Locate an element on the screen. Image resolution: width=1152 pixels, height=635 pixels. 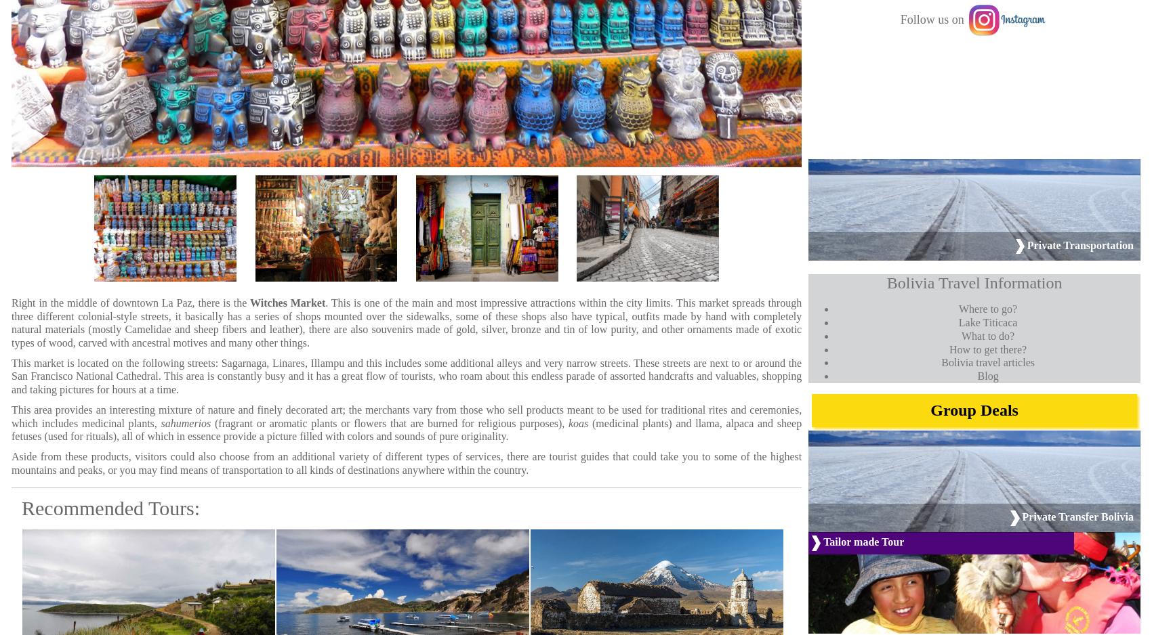
'. This is one of the main and most impressive attractions within the city limits. This market spreads through three different colonial-style streets, it basically has a series of shops mounted over the sidewalks, some of these shops also have typical, outfits made by hand with completely natural materials (mostly Camelidae and sheep fibers and leather), there are also souvenirs made of gold, silver, bronze and tin of low purity, and other ornaments made of exotic types of wood, carved with ancestral motives and many other things.' is located at coordinates (405, 322).